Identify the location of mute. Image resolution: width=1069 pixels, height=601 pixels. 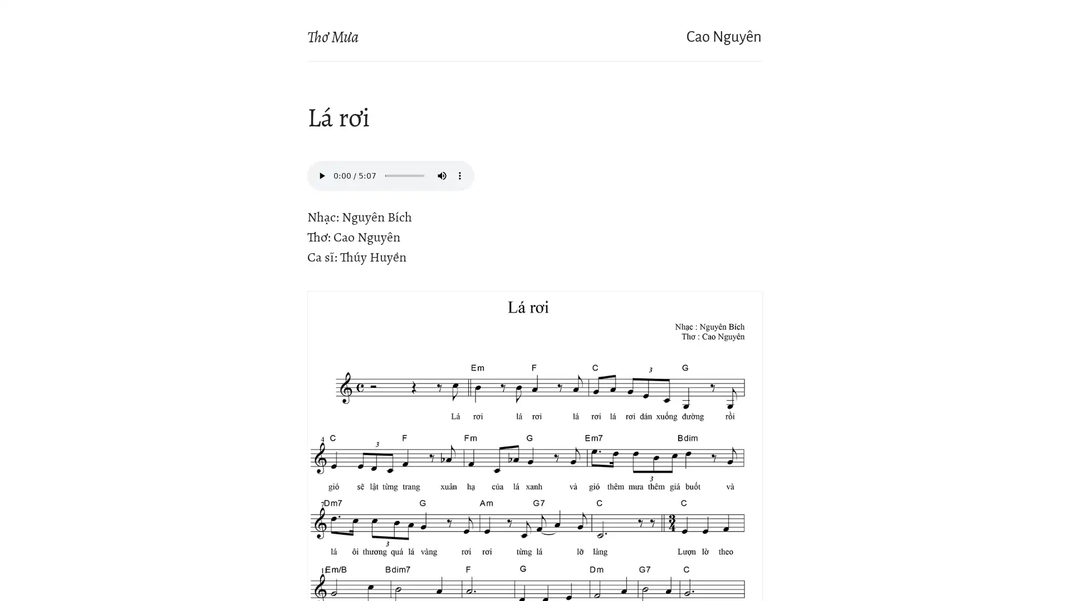
(441, 175).